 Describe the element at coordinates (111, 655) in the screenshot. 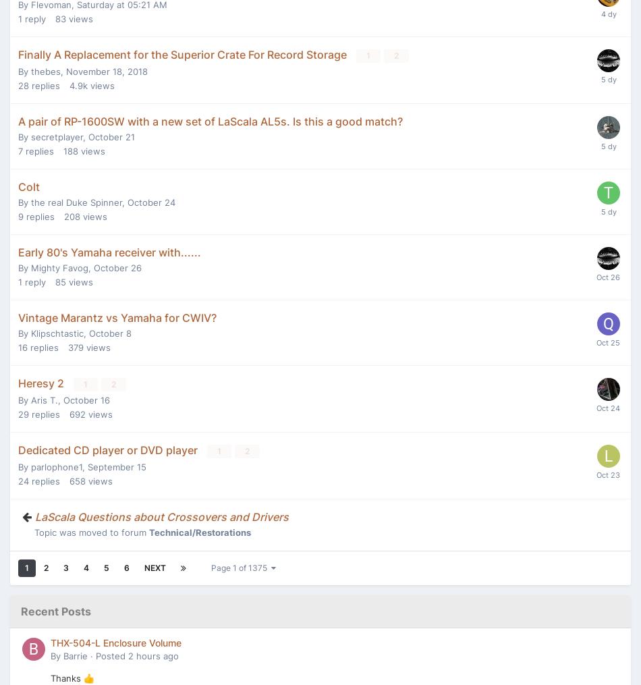

I see `'Posted'` at that location.